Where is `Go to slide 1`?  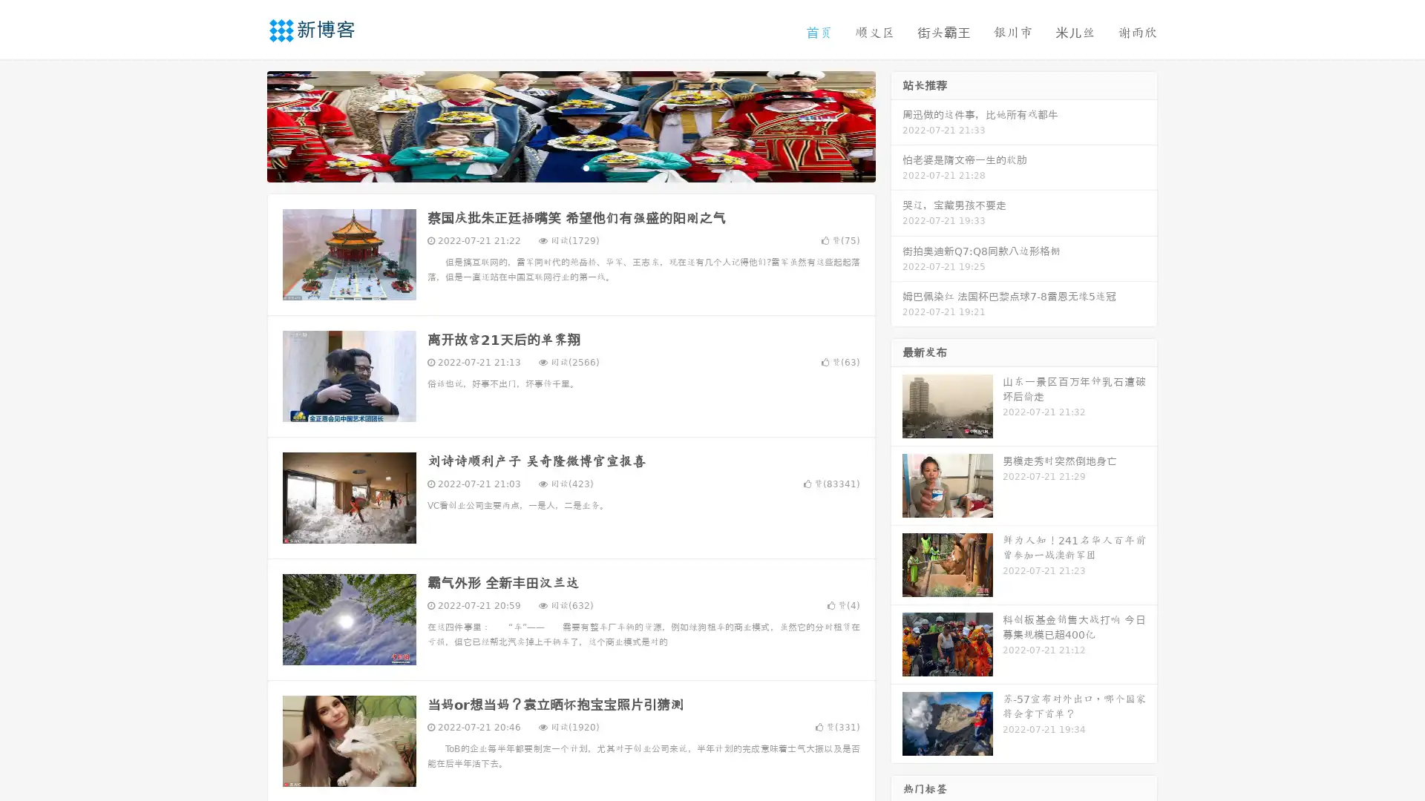
Go to slide 1 is located at coordinates (555, 167).